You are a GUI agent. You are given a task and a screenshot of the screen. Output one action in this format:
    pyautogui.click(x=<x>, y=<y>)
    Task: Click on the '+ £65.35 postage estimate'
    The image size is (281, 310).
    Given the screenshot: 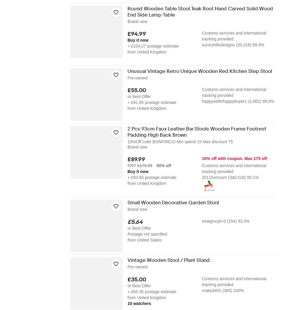 What is the action you would take?
    pyautogui.click(x=152, y=291)
    